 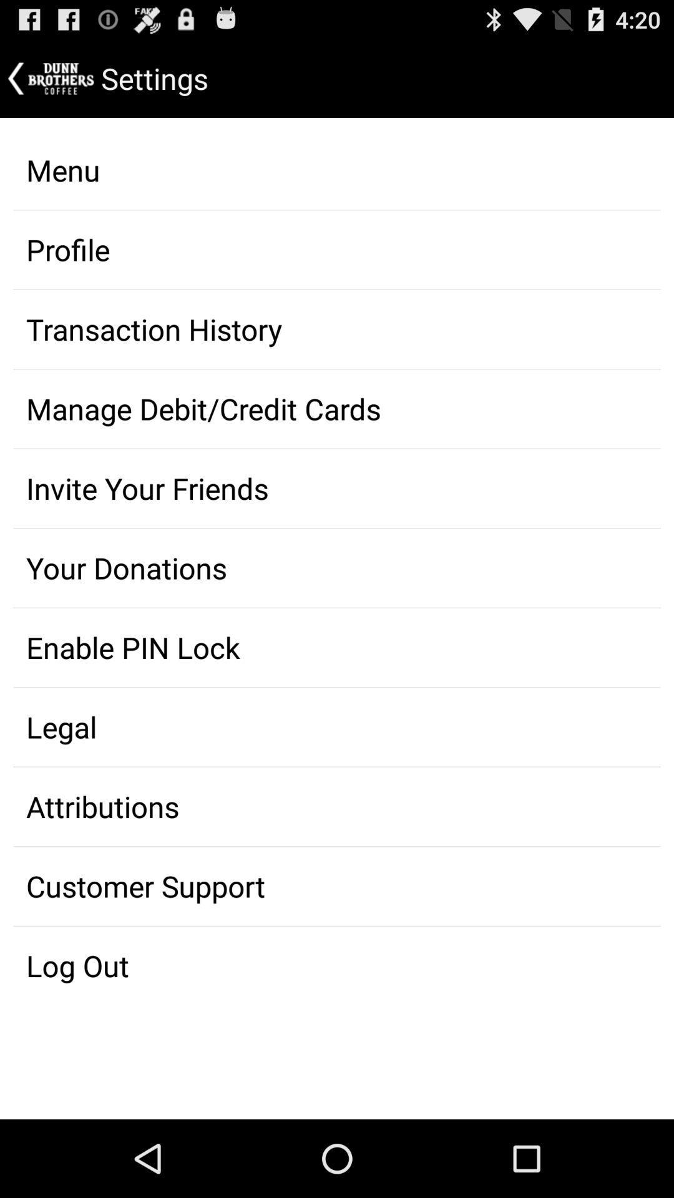 What do you see at coordinates (337, 567) in the screenshot?
I see `icon above enable pin lock item` at bounding box center [337, 567].